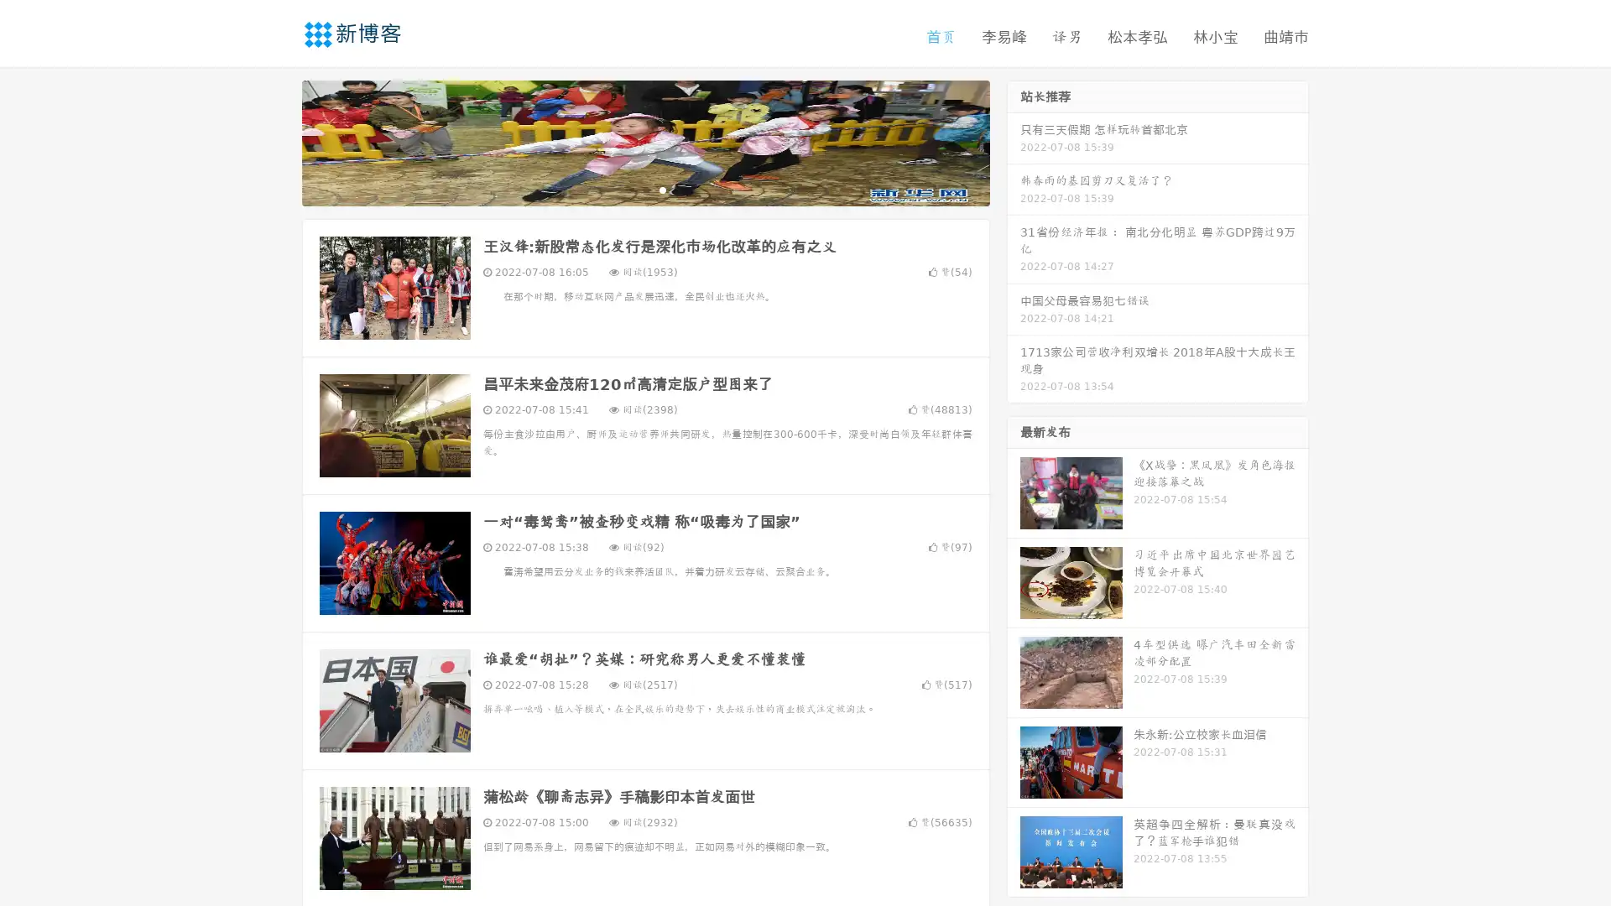  Describe the element at coordinates (662, 189) in the screenshot. I see `Go to slide 3` at that location.